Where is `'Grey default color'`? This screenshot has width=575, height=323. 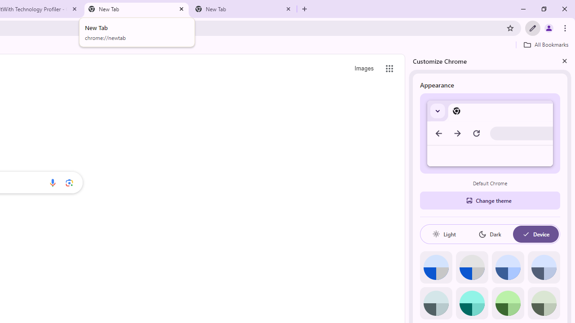 'Grey default color' is located at coordinates (471, 267).